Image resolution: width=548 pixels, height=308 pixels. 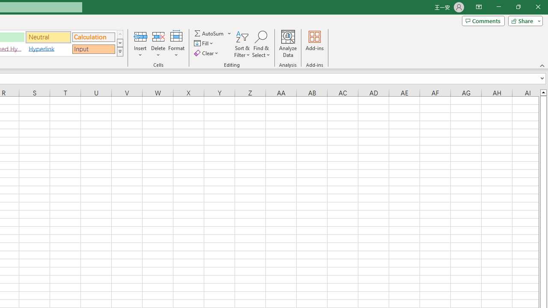 What do you see at coordinates (543, 92) in the screenshot?
I see `'Line up'` at bounding box center [543, 92].